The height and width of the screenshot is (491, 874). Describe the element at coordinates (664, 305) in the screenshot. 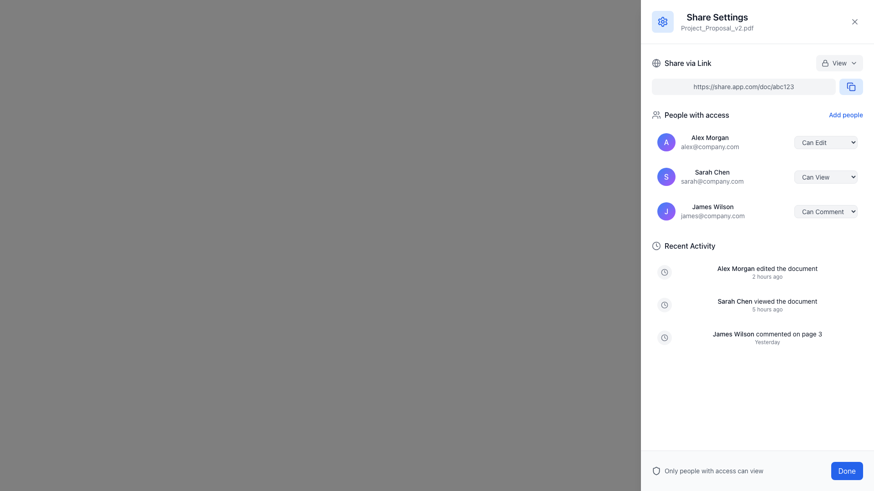

I see `the circular icon with a light gray background and a clock symbol, representing the activity 'Sarah Chen viewed the document', located in the recent activity list` at that location.